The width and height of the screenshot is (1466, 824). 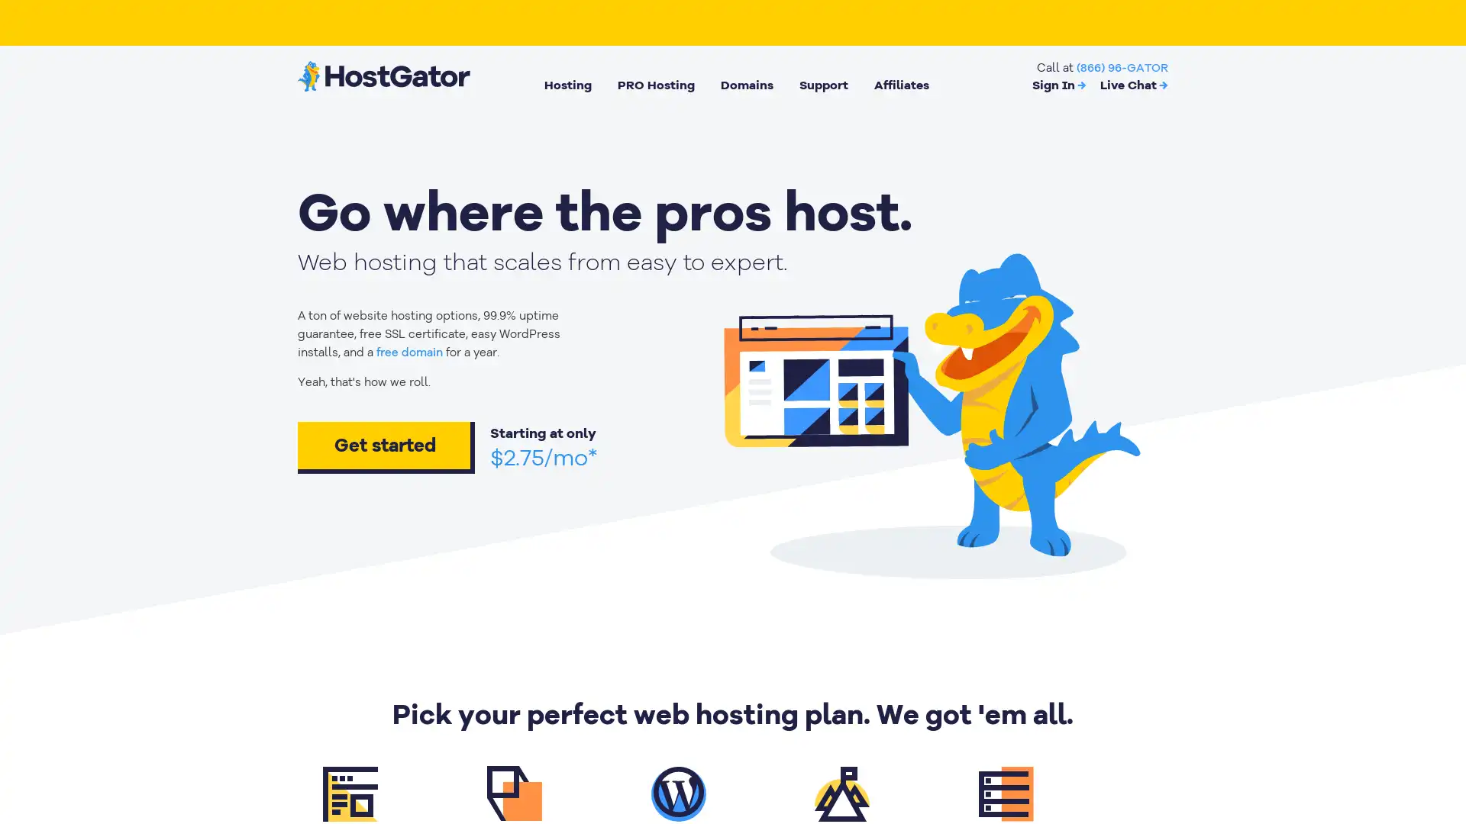 What do you see at coordinates (155, 764) in the screenshot?
I see `Cookies Settings` at bounding box center [155, 764].